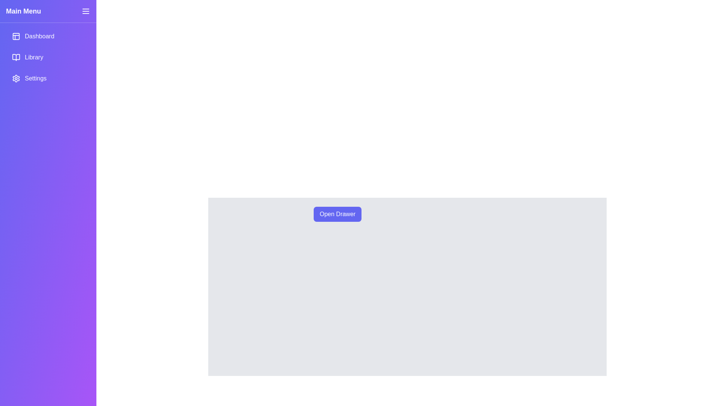  Describe the element at coordinates (48, 57) in the screenshot. I see `the menu item Library from the drawer` at that location.